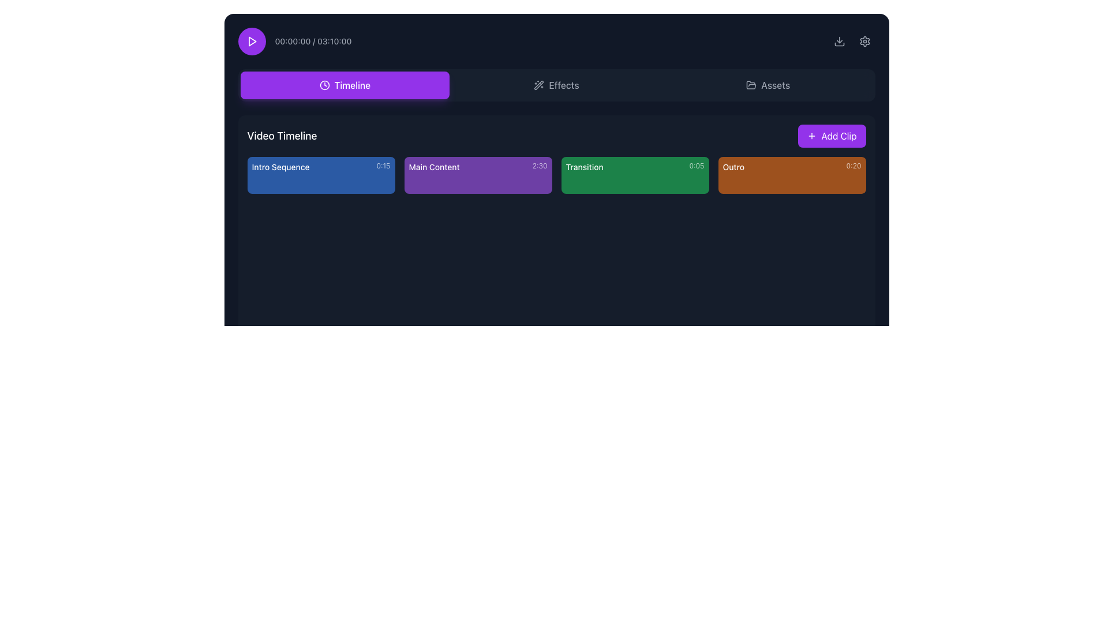 The height and width of the screenshot is (623, 1108). I want to click on the download button located at the top-right corner of the interface, directly to the left of the settings gear icon, to initiate a download, so click(839, 41).